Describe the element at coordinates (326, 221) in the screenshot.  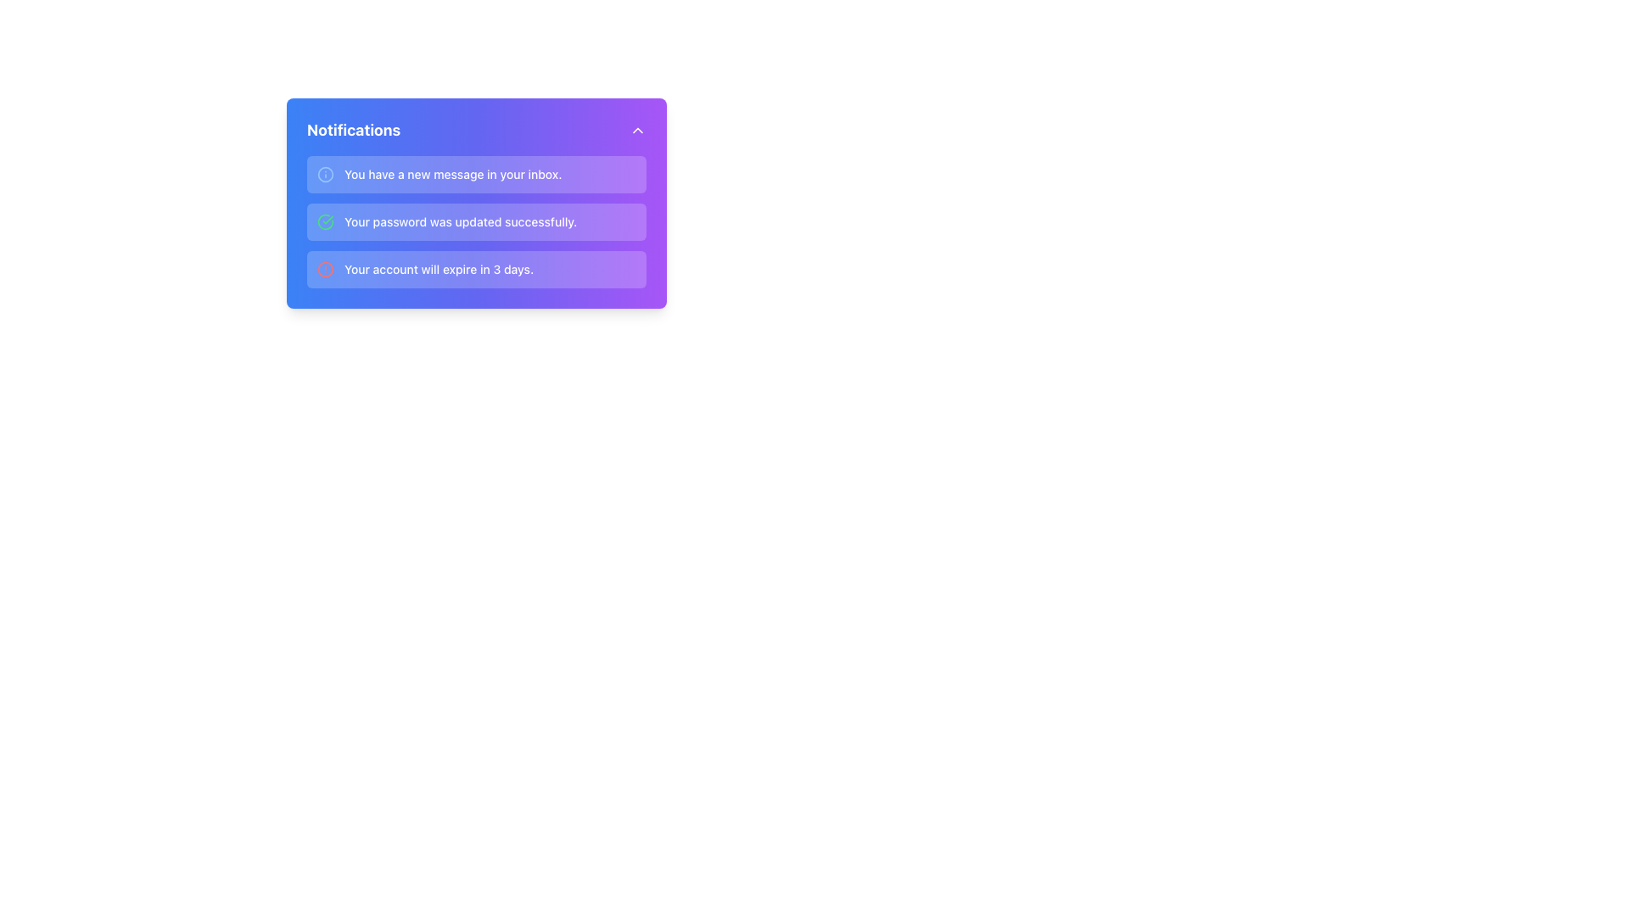
I see `the informational icon representing a successful notification located to the left of the text 'Your password was updated successfully' in the second notification row` at that location.